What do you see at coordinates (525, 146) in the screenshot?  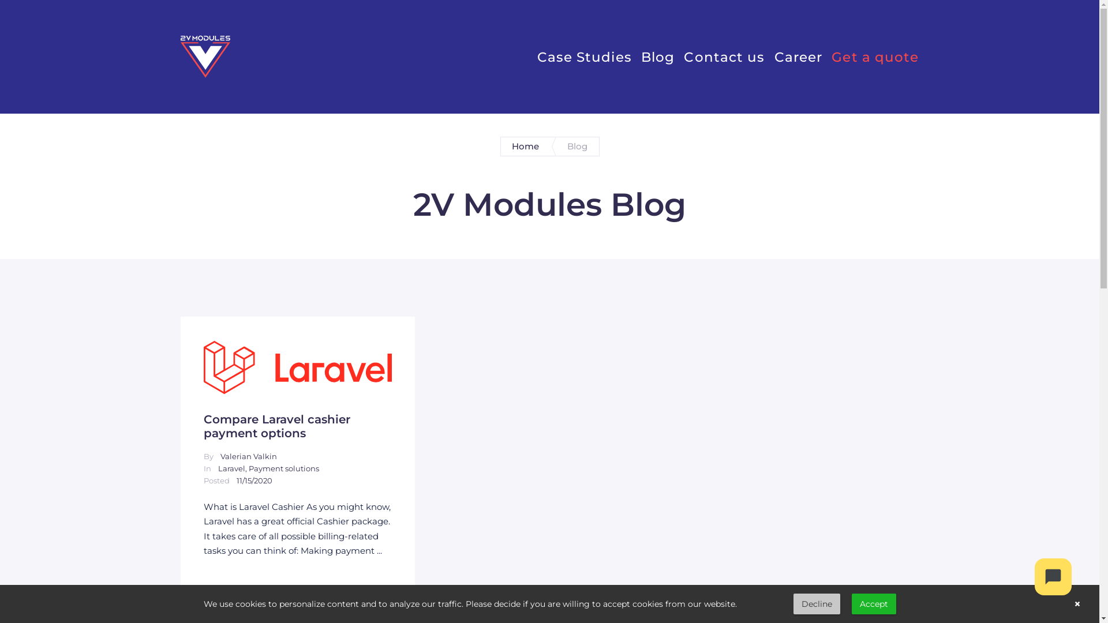 I see `'Home'` at bounding box center [525, 146].